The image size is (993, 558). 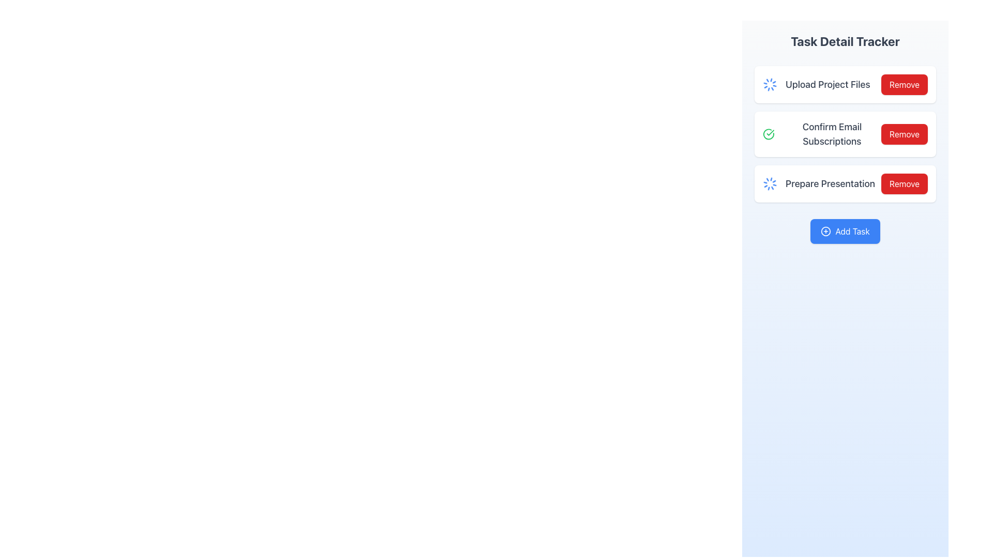 I want to click on the icon that indicates a successfully confirmed email subscription, located in the second row of the 'Task Detail Tracker' section, which includes the text 'Confirm Email Subscriptions' and a remove button, so click(x=769, y=133).